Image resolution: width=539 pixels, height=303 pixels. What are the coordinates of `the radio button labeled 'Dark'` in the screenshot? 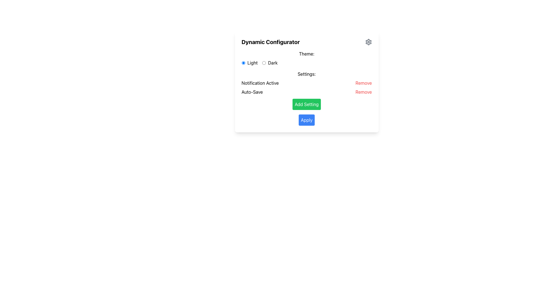 It's located at (270, 63).